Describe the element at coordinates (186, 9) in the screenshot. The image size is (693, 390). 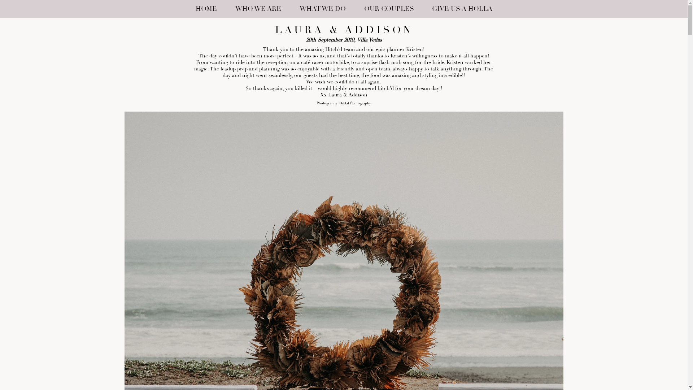
I see `'HOME'` at that location.